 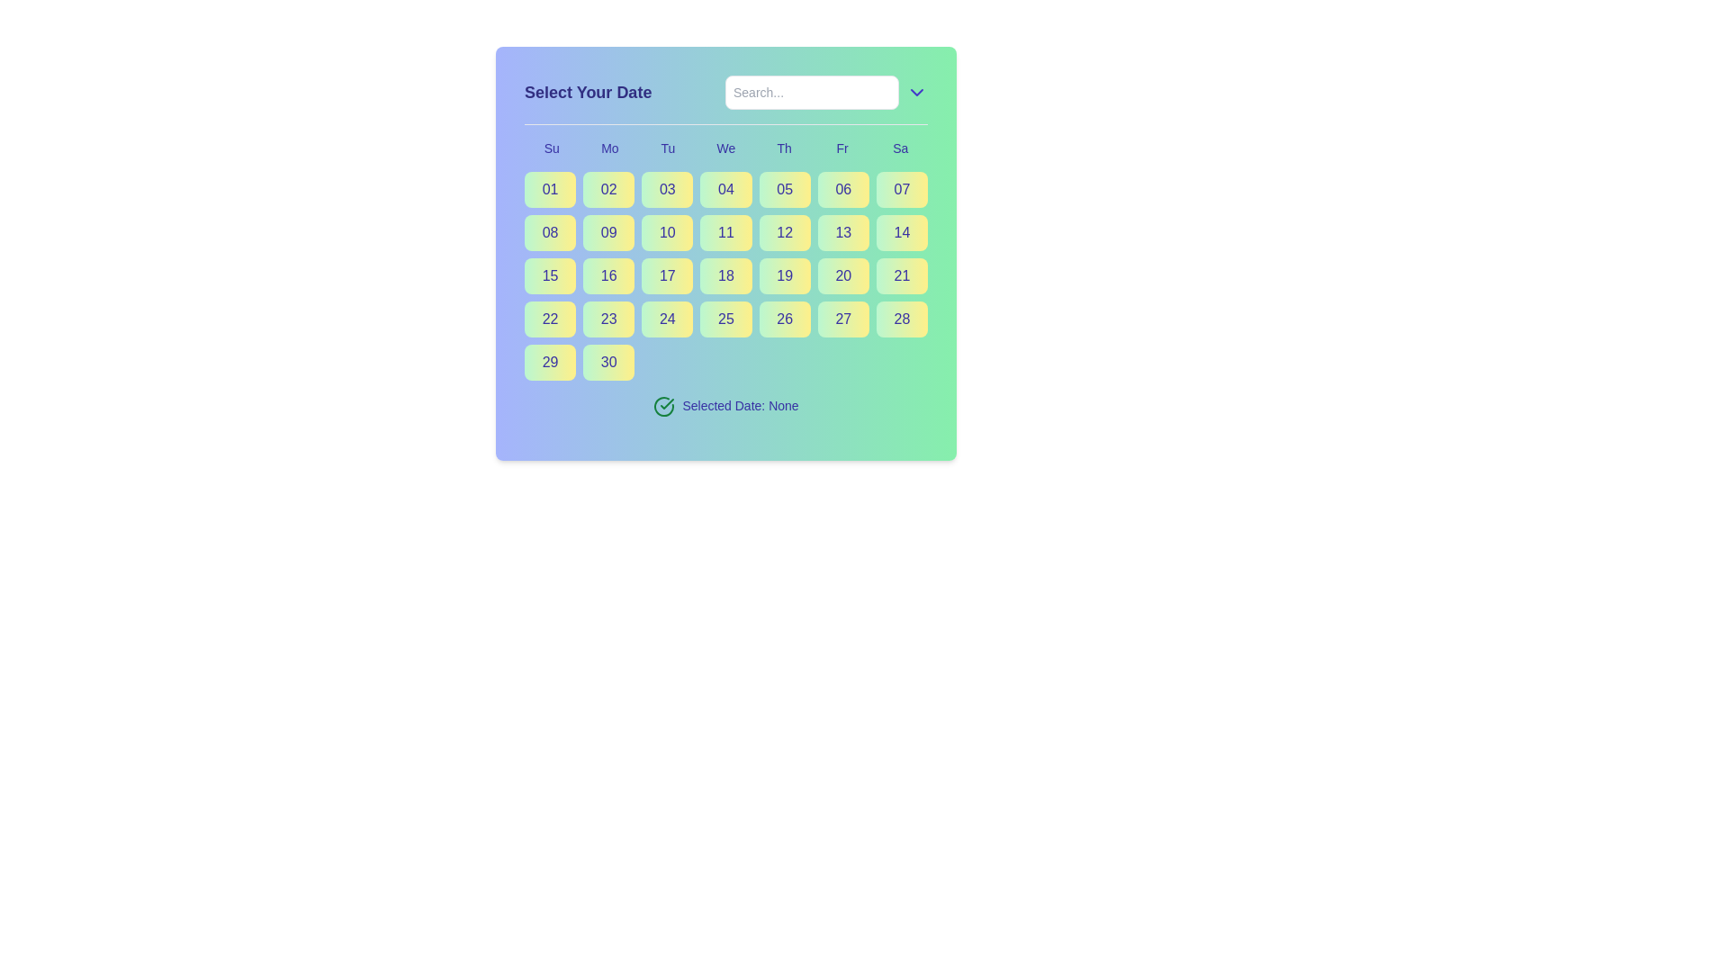 I want to click on the text label that displays the currently selected date, which by default shows 'None' and is located directly beneath the calendar grid, so click(x=740, y=406).